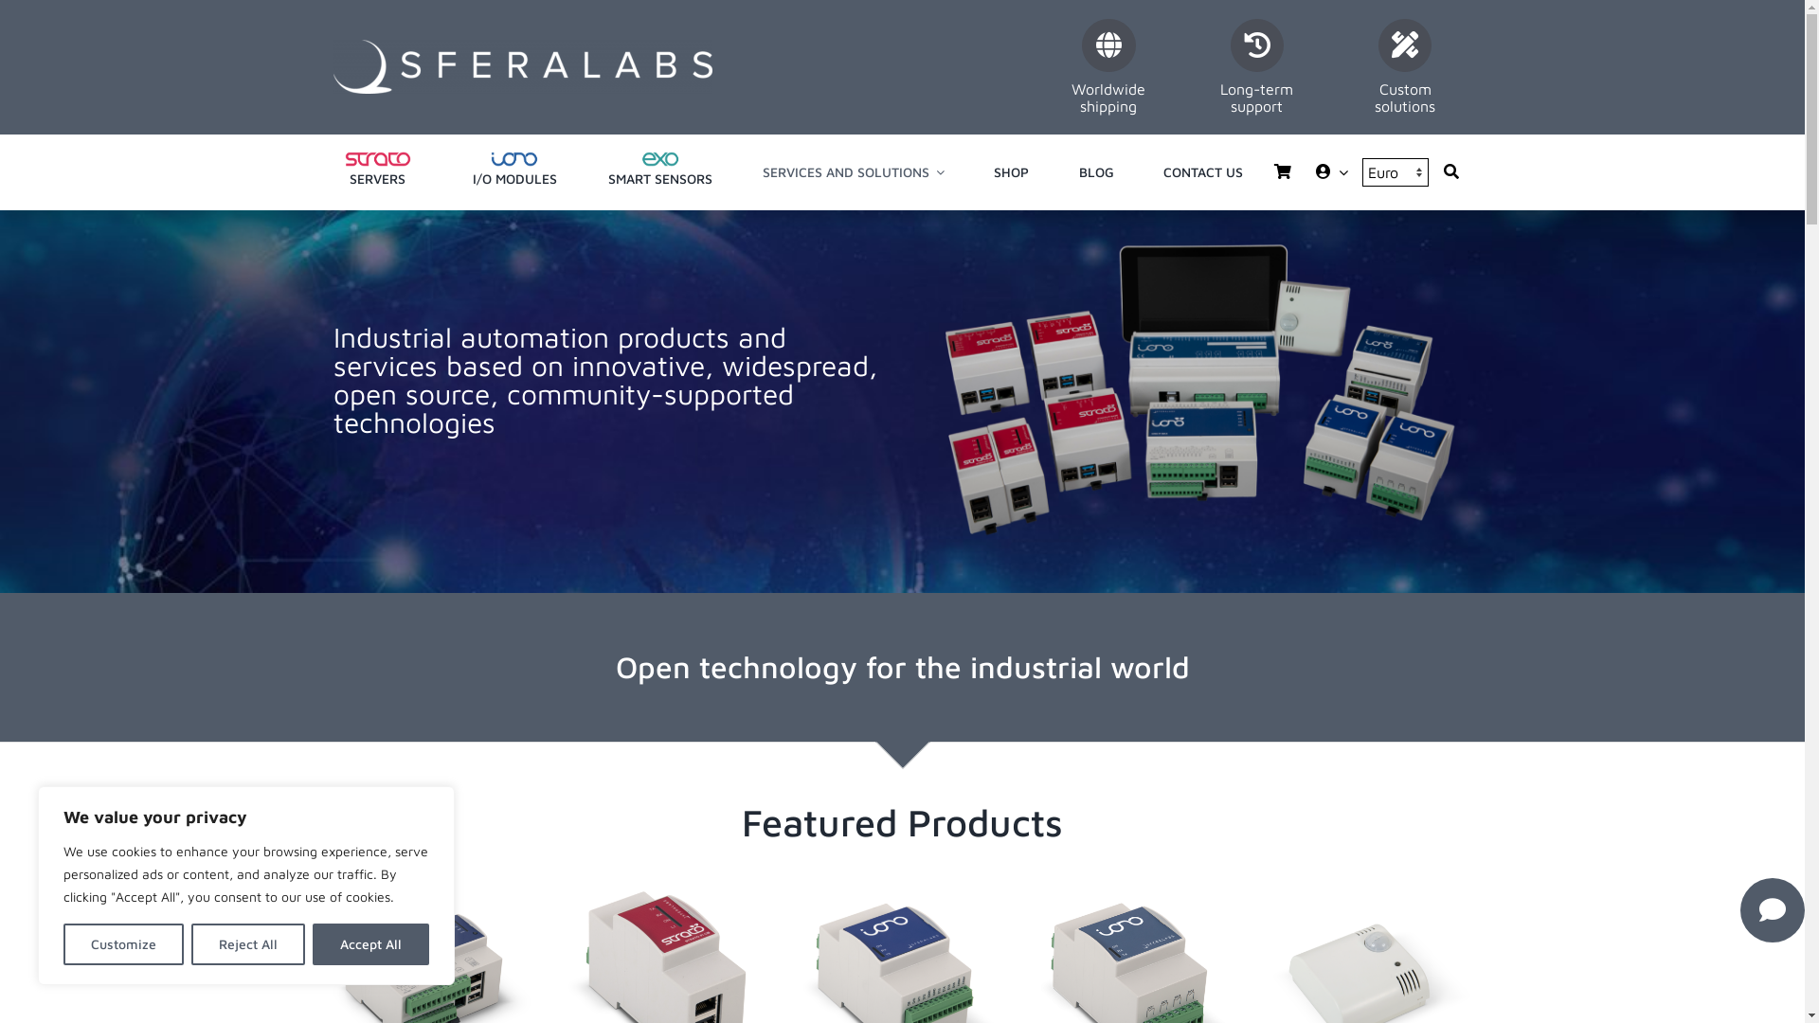 This screenshot has height=1023, width=1819. I want to click on 'iono-line-logo', so click(513, 158).